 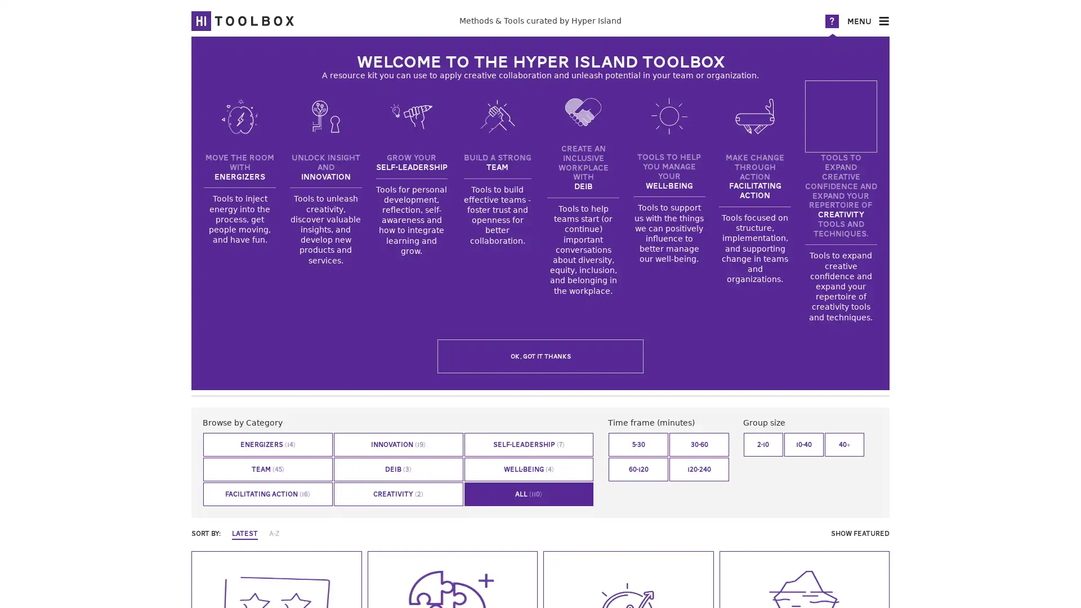 I want to click on OK, got it thanks, so click(x=540, y=356).